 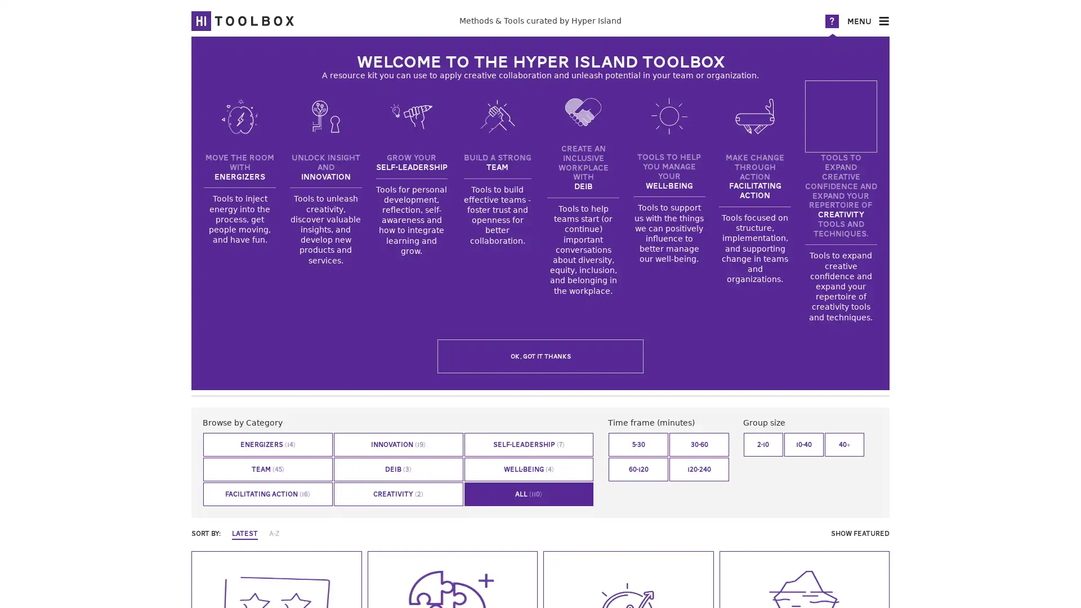 I want to click on OK, got it thanks, so click(x=540, y=356).